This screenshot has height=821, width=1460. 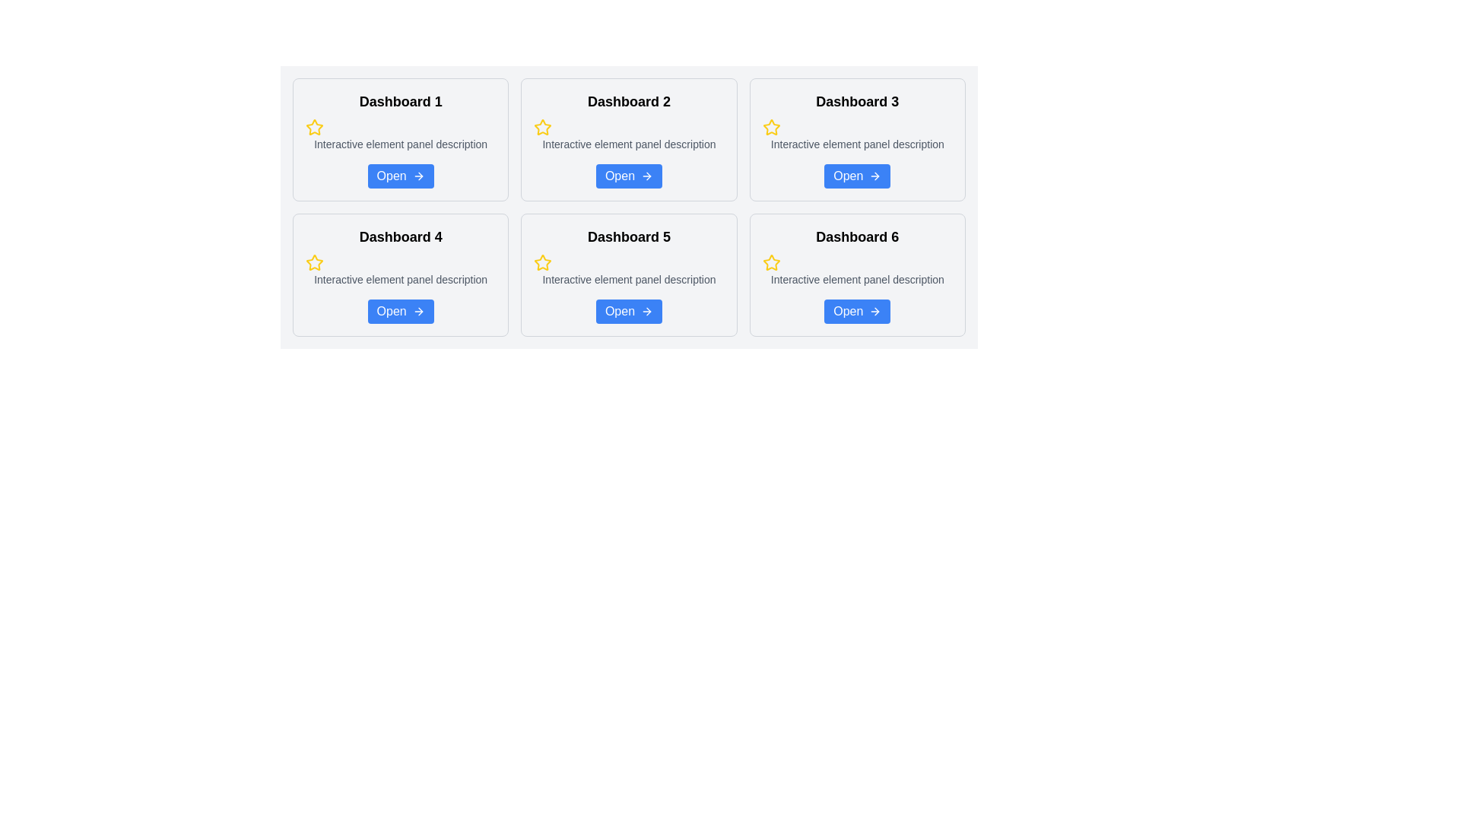 I want to click on the star icon in the 'Dashboard 2' panel to mark or unmark the panel as favorite, so click(x=543, y=127).